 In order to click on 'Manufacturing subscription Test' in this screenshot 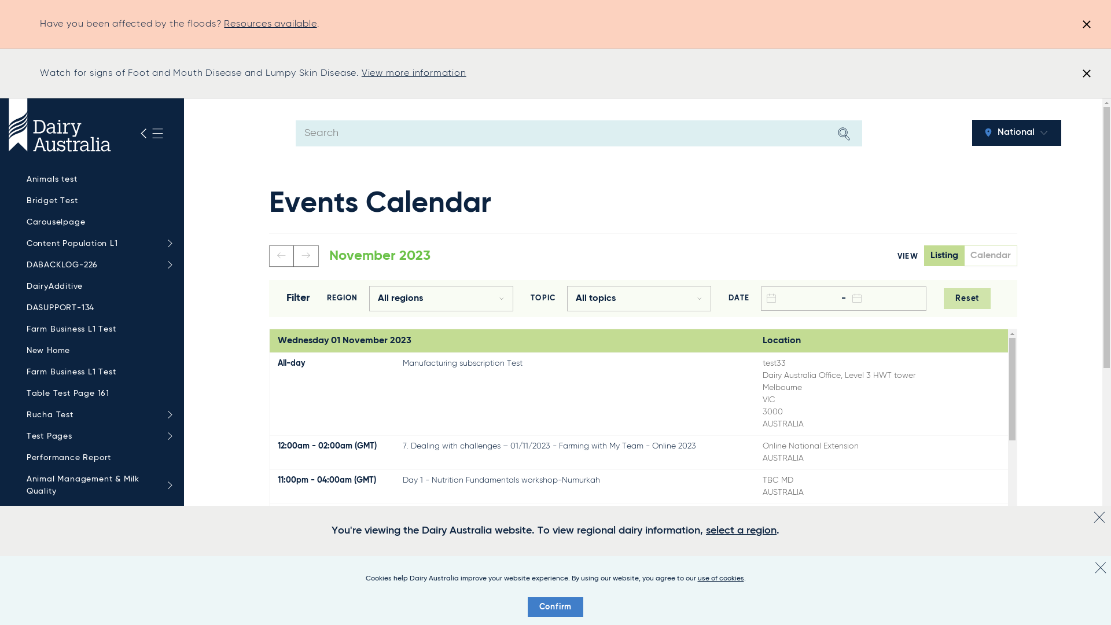, I will do `click(462, 363)`.